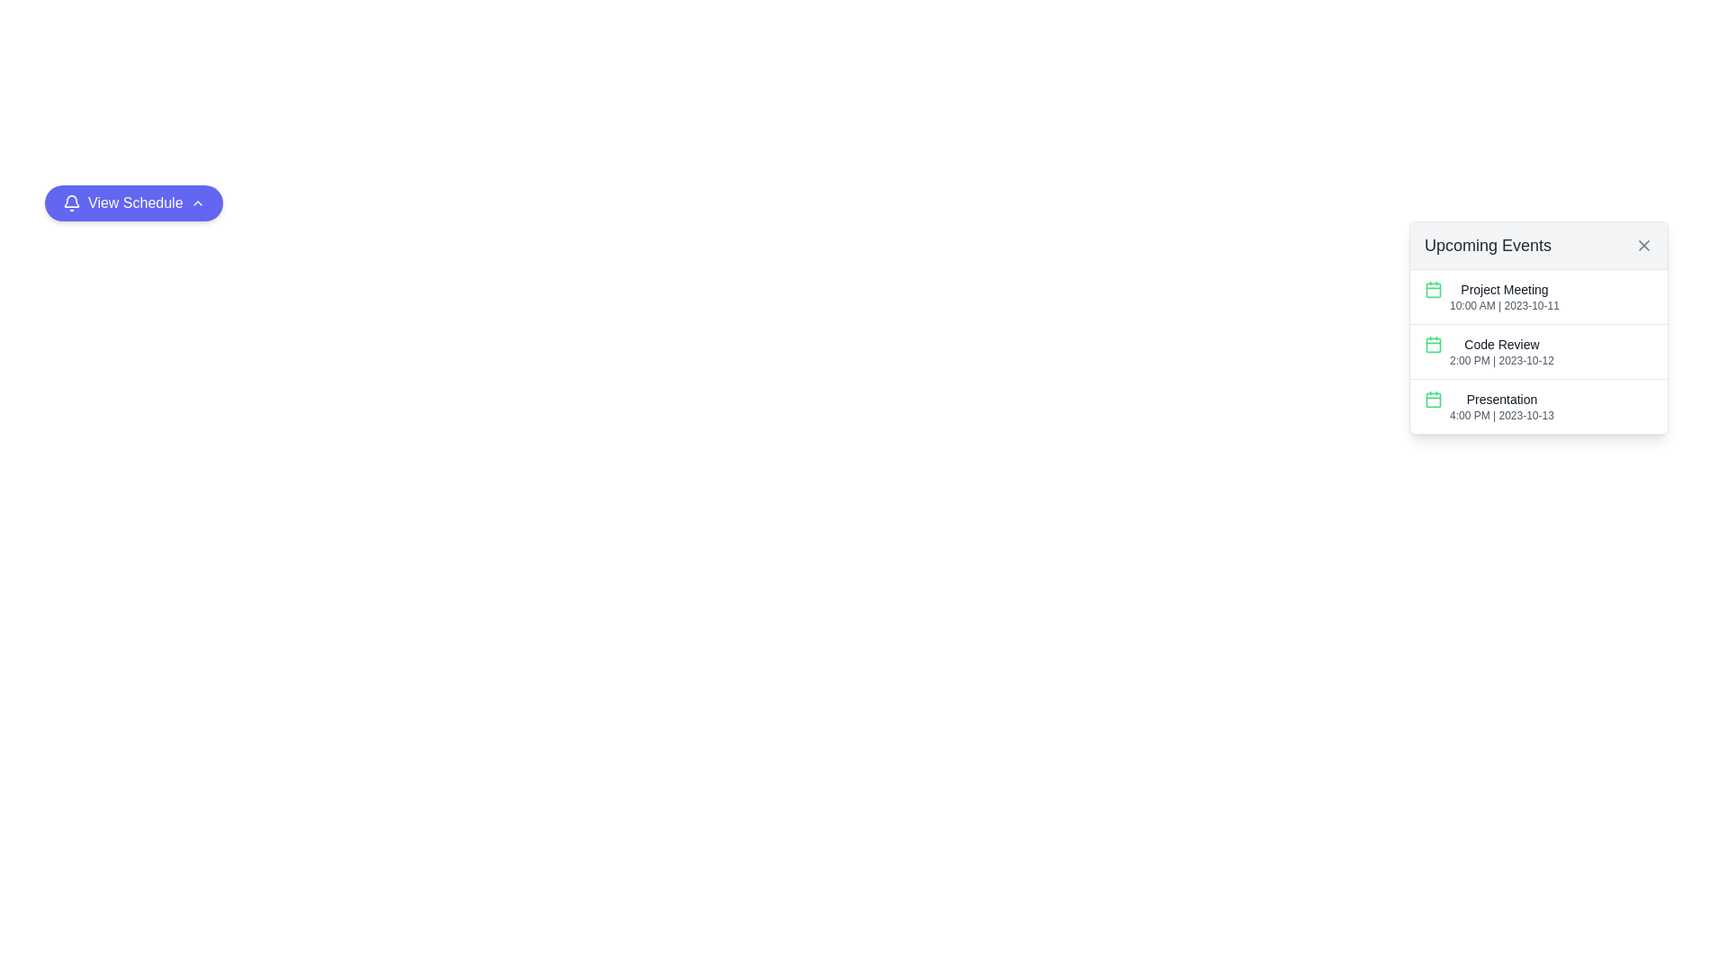  What do you see at coordinates (1501, 398) in the screenshot?
I see `the static text label indicating the title of the corresponding calendar event, which is the third entry in the upcoming events list` at bounding box center [1501, 398].